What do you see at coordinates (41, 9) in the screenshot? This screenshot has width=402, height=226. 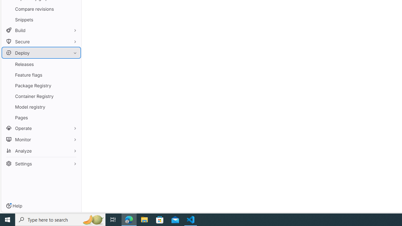 I see `'Compare revisions'` at bounding box center [41, 9].